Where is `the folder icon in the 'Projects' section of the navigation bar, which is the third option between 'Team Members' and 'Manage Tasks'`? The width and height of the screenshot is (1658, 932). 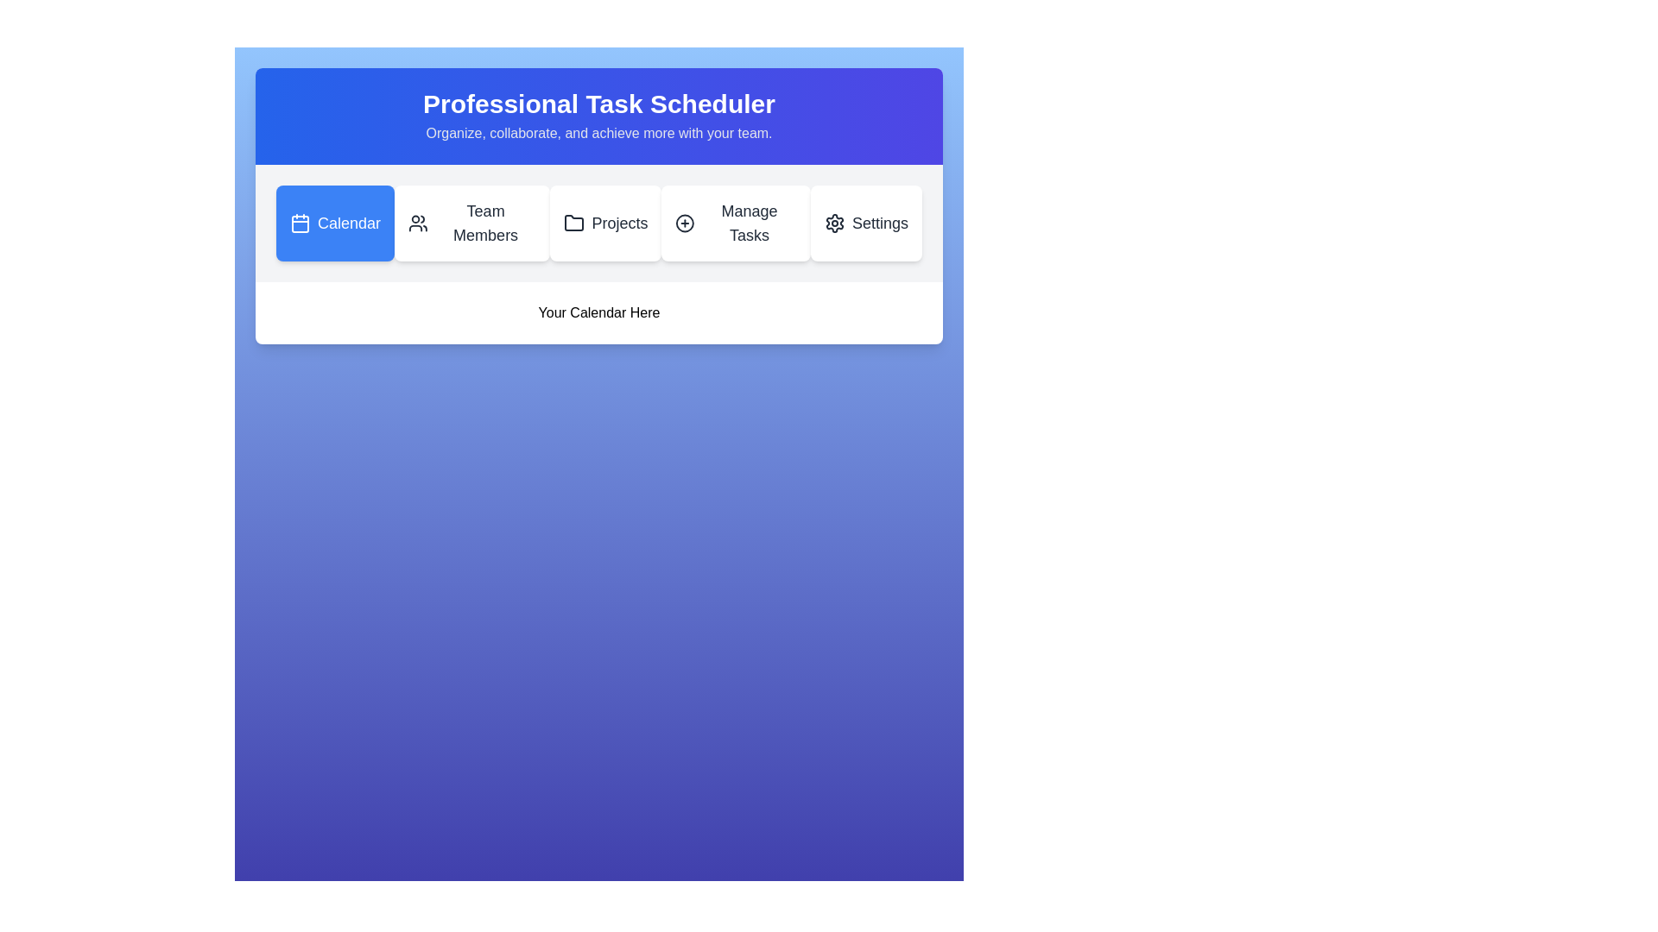
the folder icon in the 'Projects' section of the navigation bar, which is the third option between 'Team Members' and 'Manage Tasks' is located at coordinates (574, 222).